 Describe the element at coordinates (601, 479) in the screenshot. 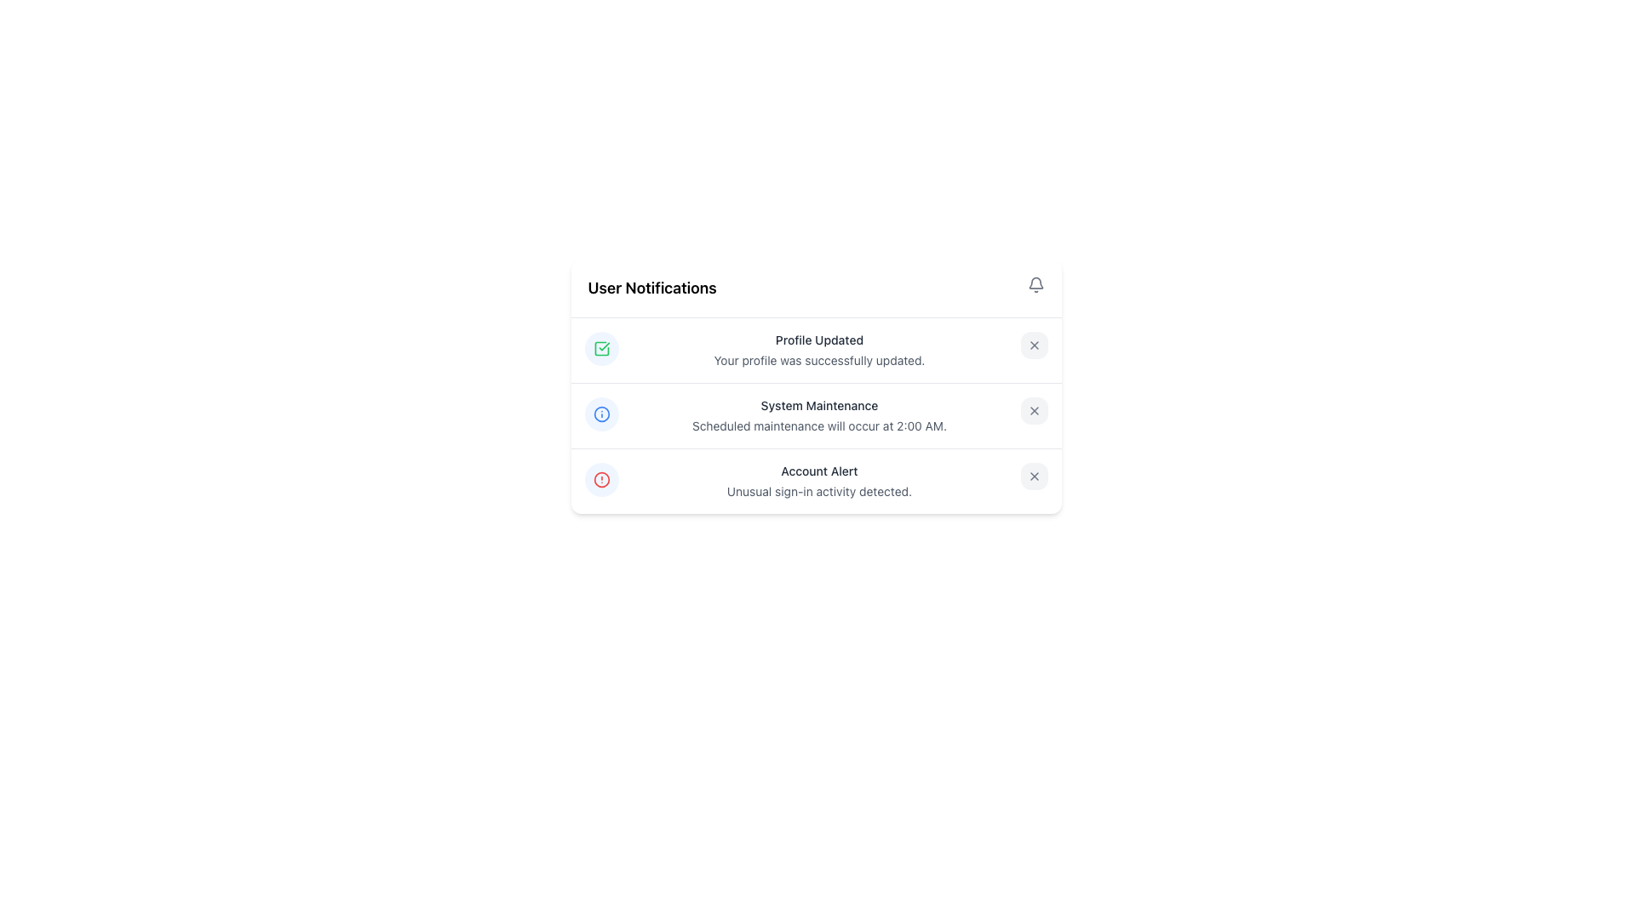

I see `the alert indicator icon located to the left of the notification text in the third notification entry of the vertical list, which has a light blue circular background` at that location.